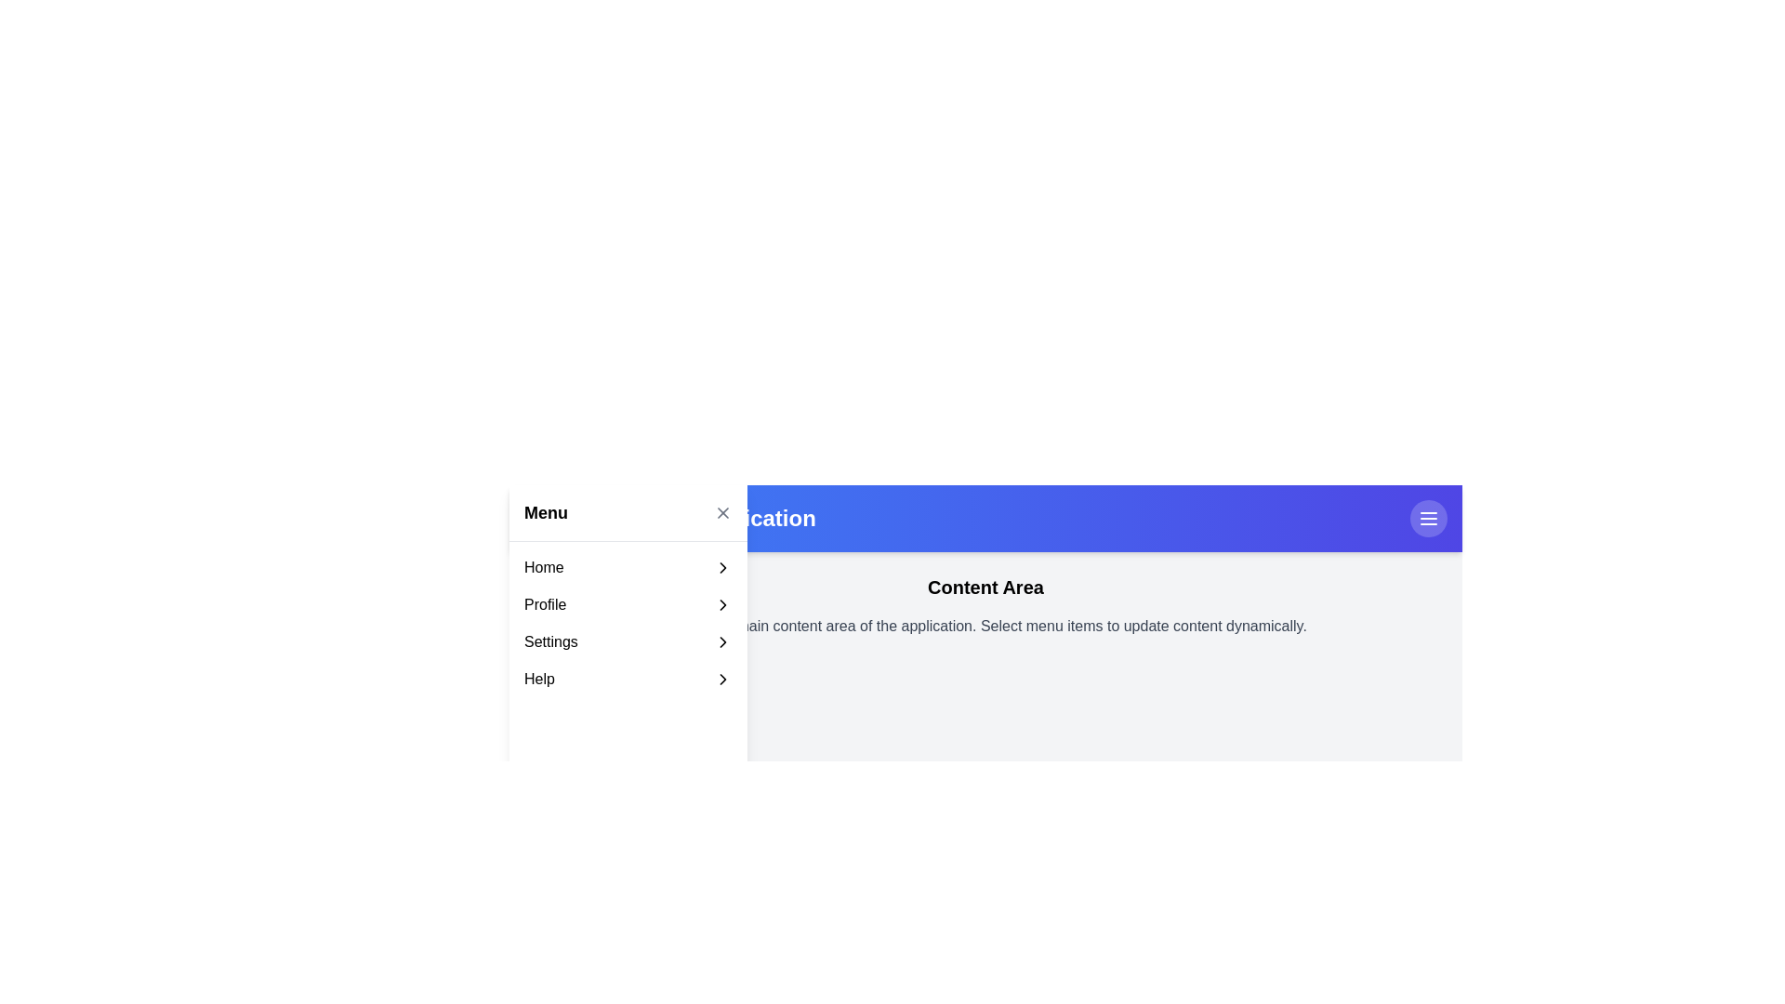 This screenshot has width=1785, height=1004. I want to click on the button, so click(1427, 519).